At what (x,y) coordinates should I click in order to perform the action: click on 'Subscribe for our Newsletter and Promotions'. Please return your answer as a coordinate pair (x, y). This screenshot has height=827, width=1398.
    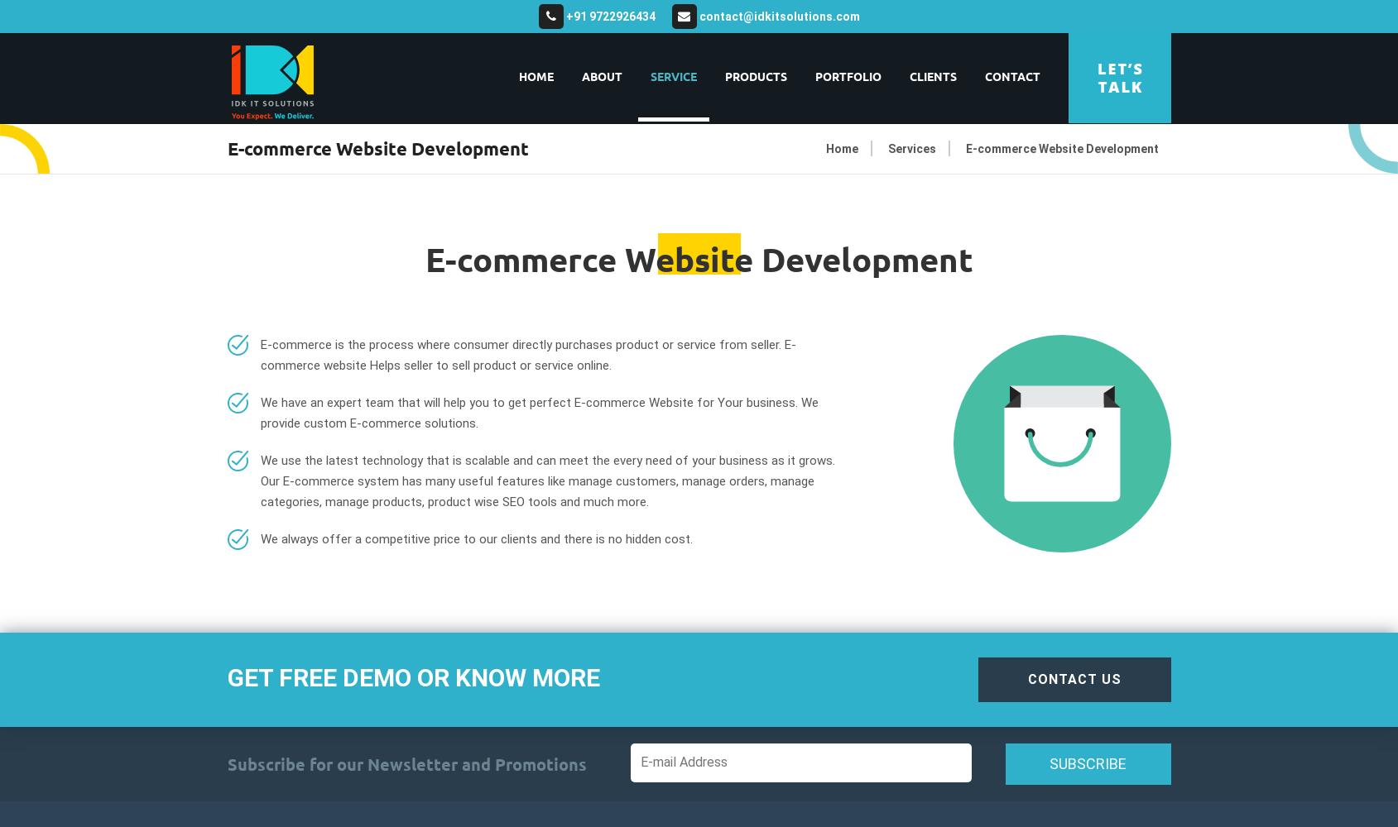
    Looking at the image, I should click on (406, 764).